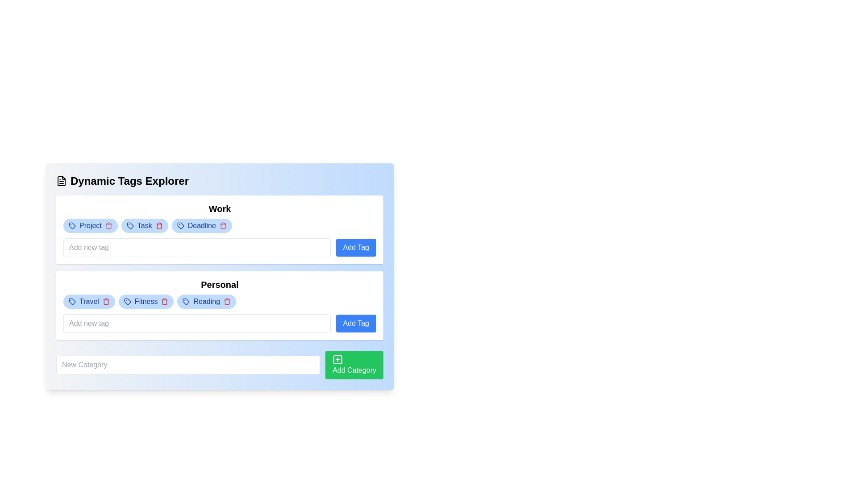 The height and width of the screenshot is (482, 857). What do you see at coordinates (145, 225) in the screenshot?
I see `the 'Work' tag component, which is the second tag from the left in a tag management interface, positioned between the 'Project' and 'Deadline' tags` at bounding box center [145, 225].